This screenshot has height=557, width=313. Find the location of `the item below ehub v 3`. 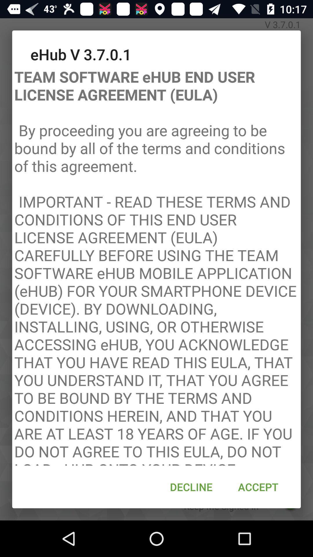

the item below ehub v 3 is located at coordinates (156, 265).